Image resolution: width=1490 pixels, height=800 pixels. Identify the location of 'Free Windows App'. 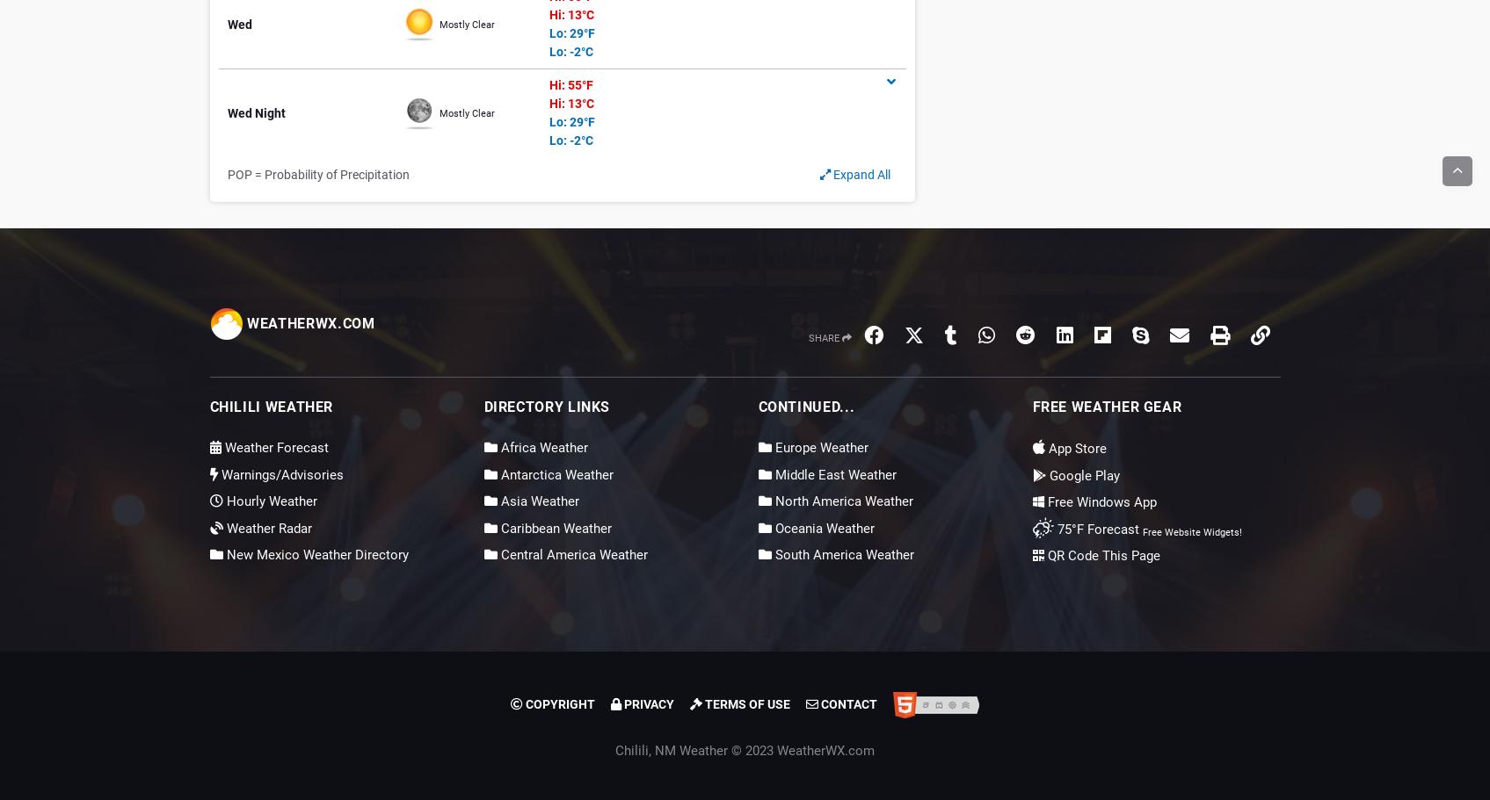
(1099, 502).